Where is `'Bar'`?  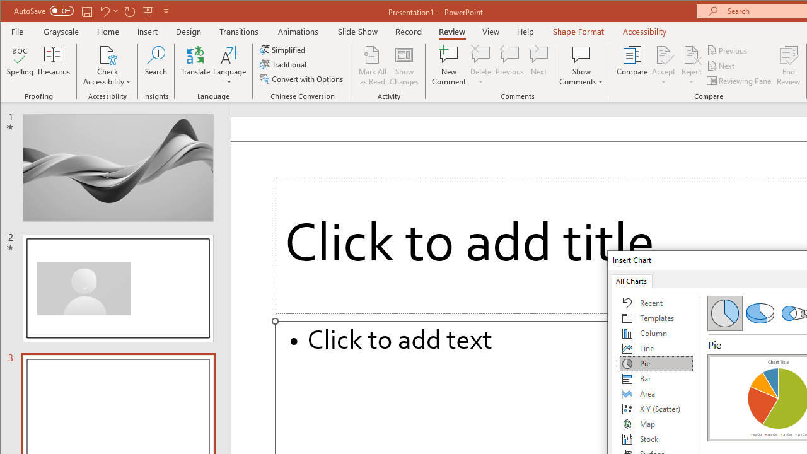
'Bar' is located at coordinates (656, 378).